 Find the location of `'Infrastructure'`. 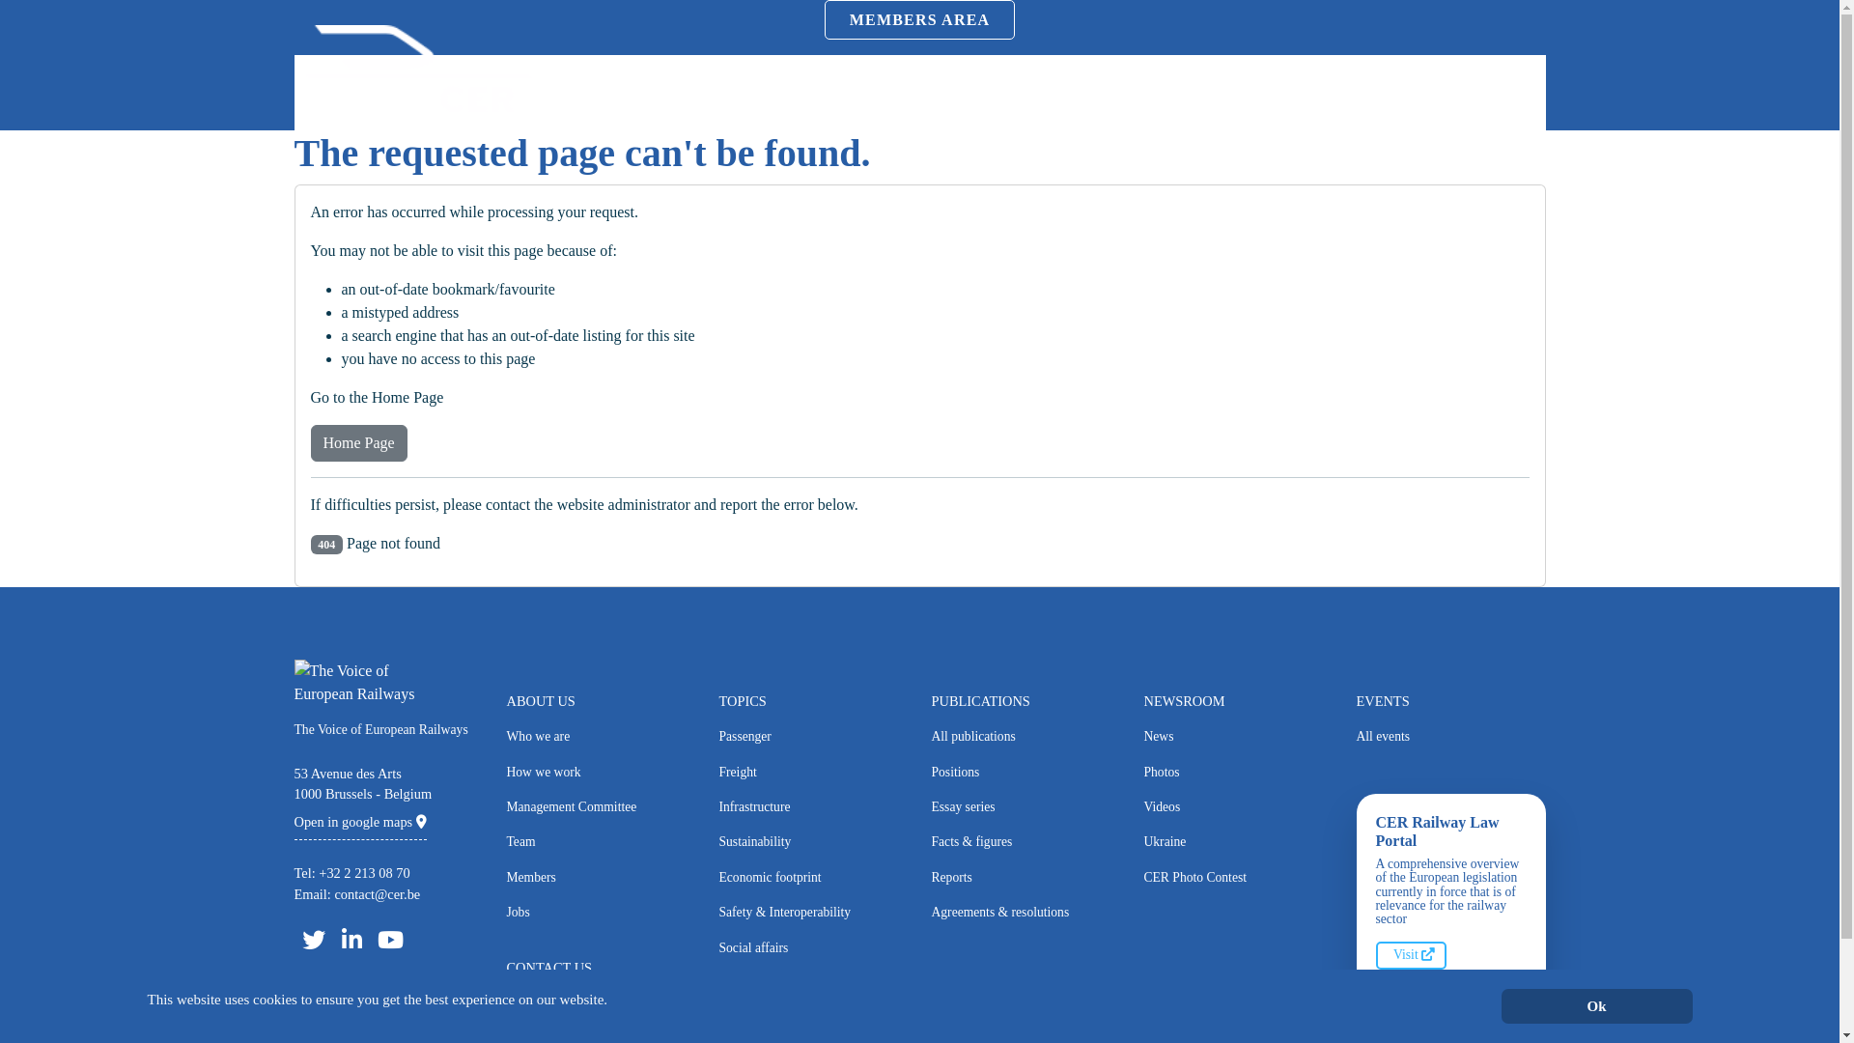

'Infrastructure' is located at coordinates (812, 807).